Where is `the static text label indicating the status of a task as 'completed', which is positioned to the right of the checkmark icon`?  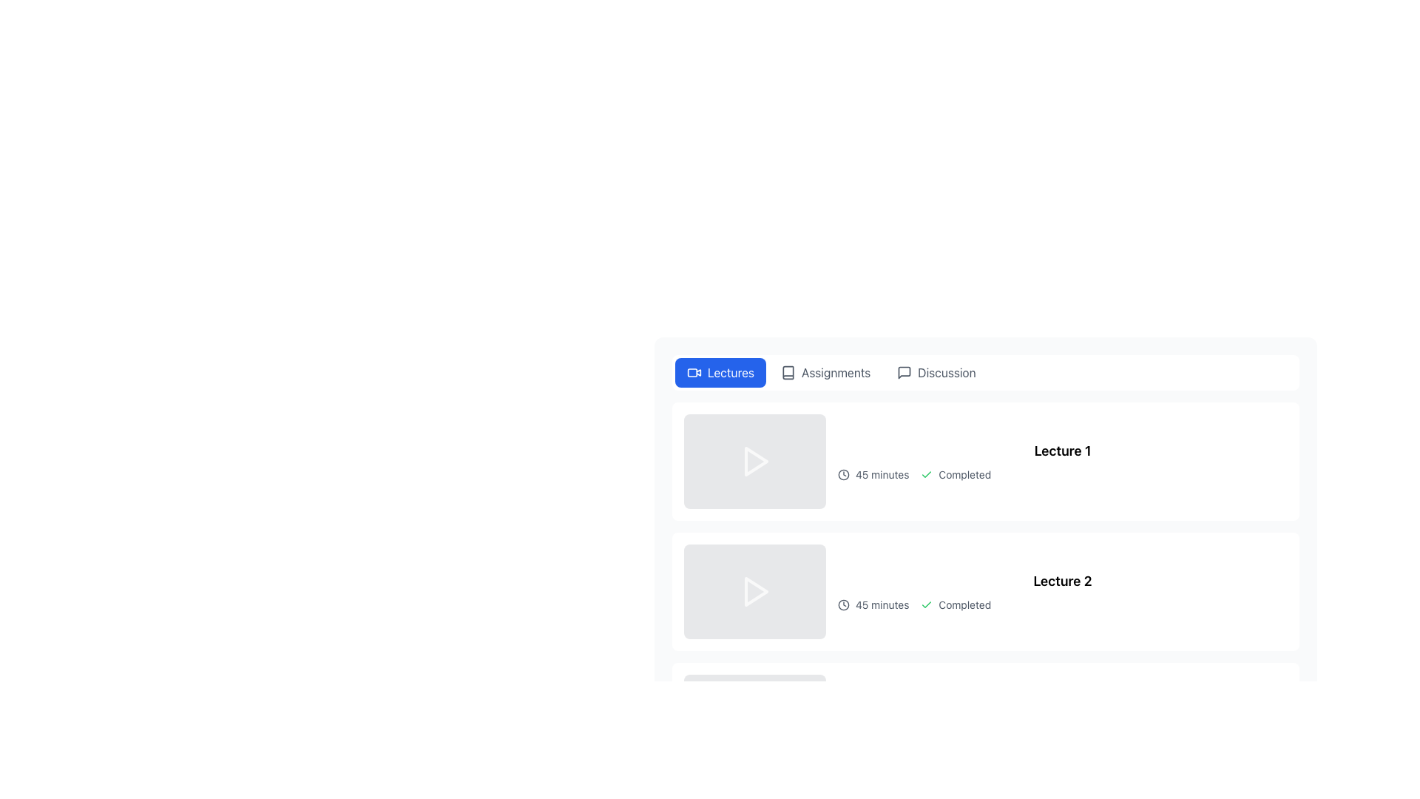 the static text label indicating the status of a task as 'completed', which is positioned to the right of the checkmark icon is located at coordinates (964, 604).